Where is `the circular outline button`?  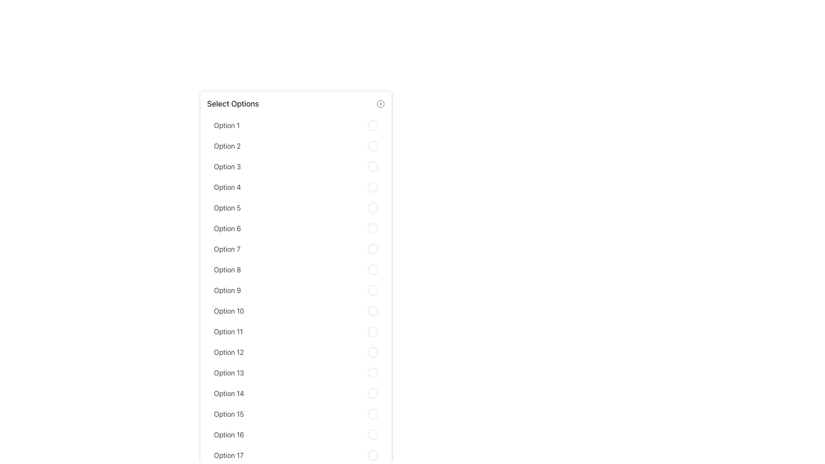 the circular outline button is located at coordinates (296, 331).